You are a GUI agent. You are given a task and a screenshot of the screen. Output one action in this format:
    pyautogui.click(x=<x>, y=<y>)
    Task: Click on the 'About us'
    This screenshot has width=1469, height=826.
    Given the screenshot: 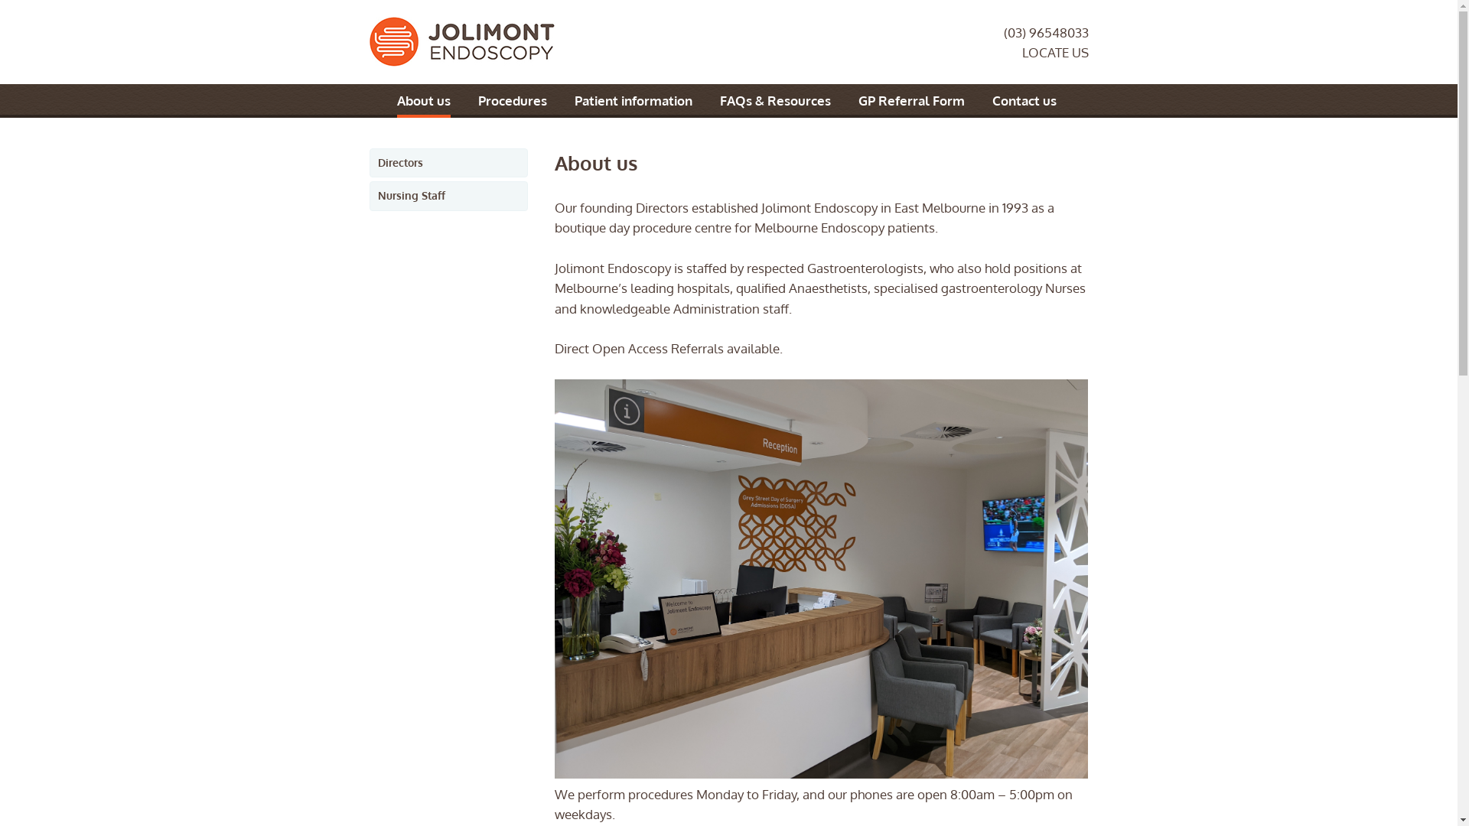 What is the action you would take?
    pyautogui.click(x=396, y=104)
    